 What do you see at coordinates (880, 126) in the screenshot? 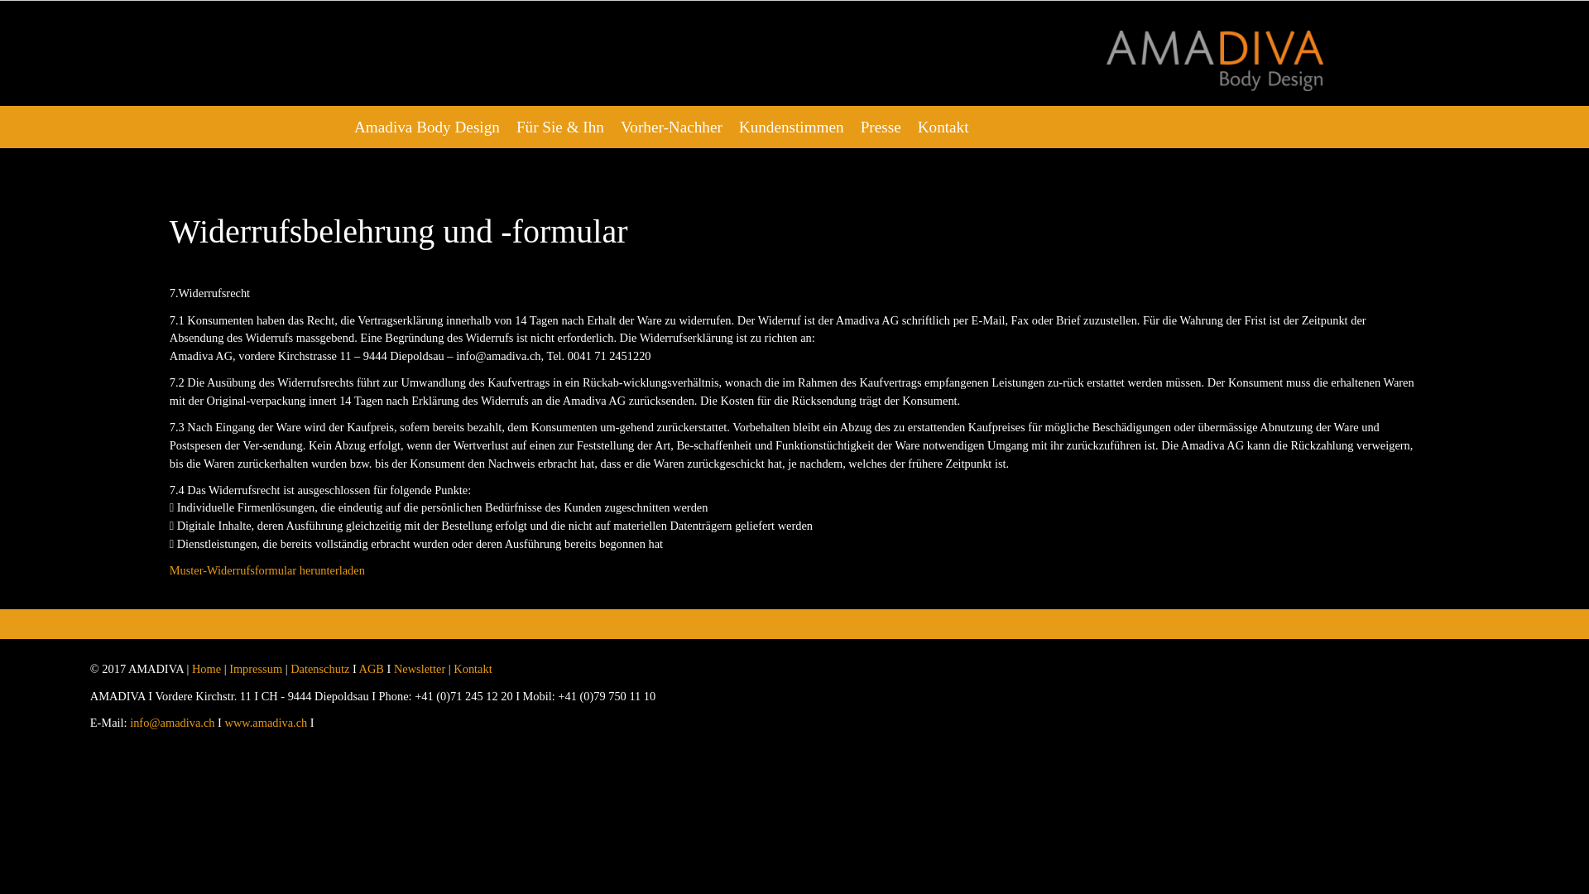
I see `'Presse'` at bounding box center [880, 126].